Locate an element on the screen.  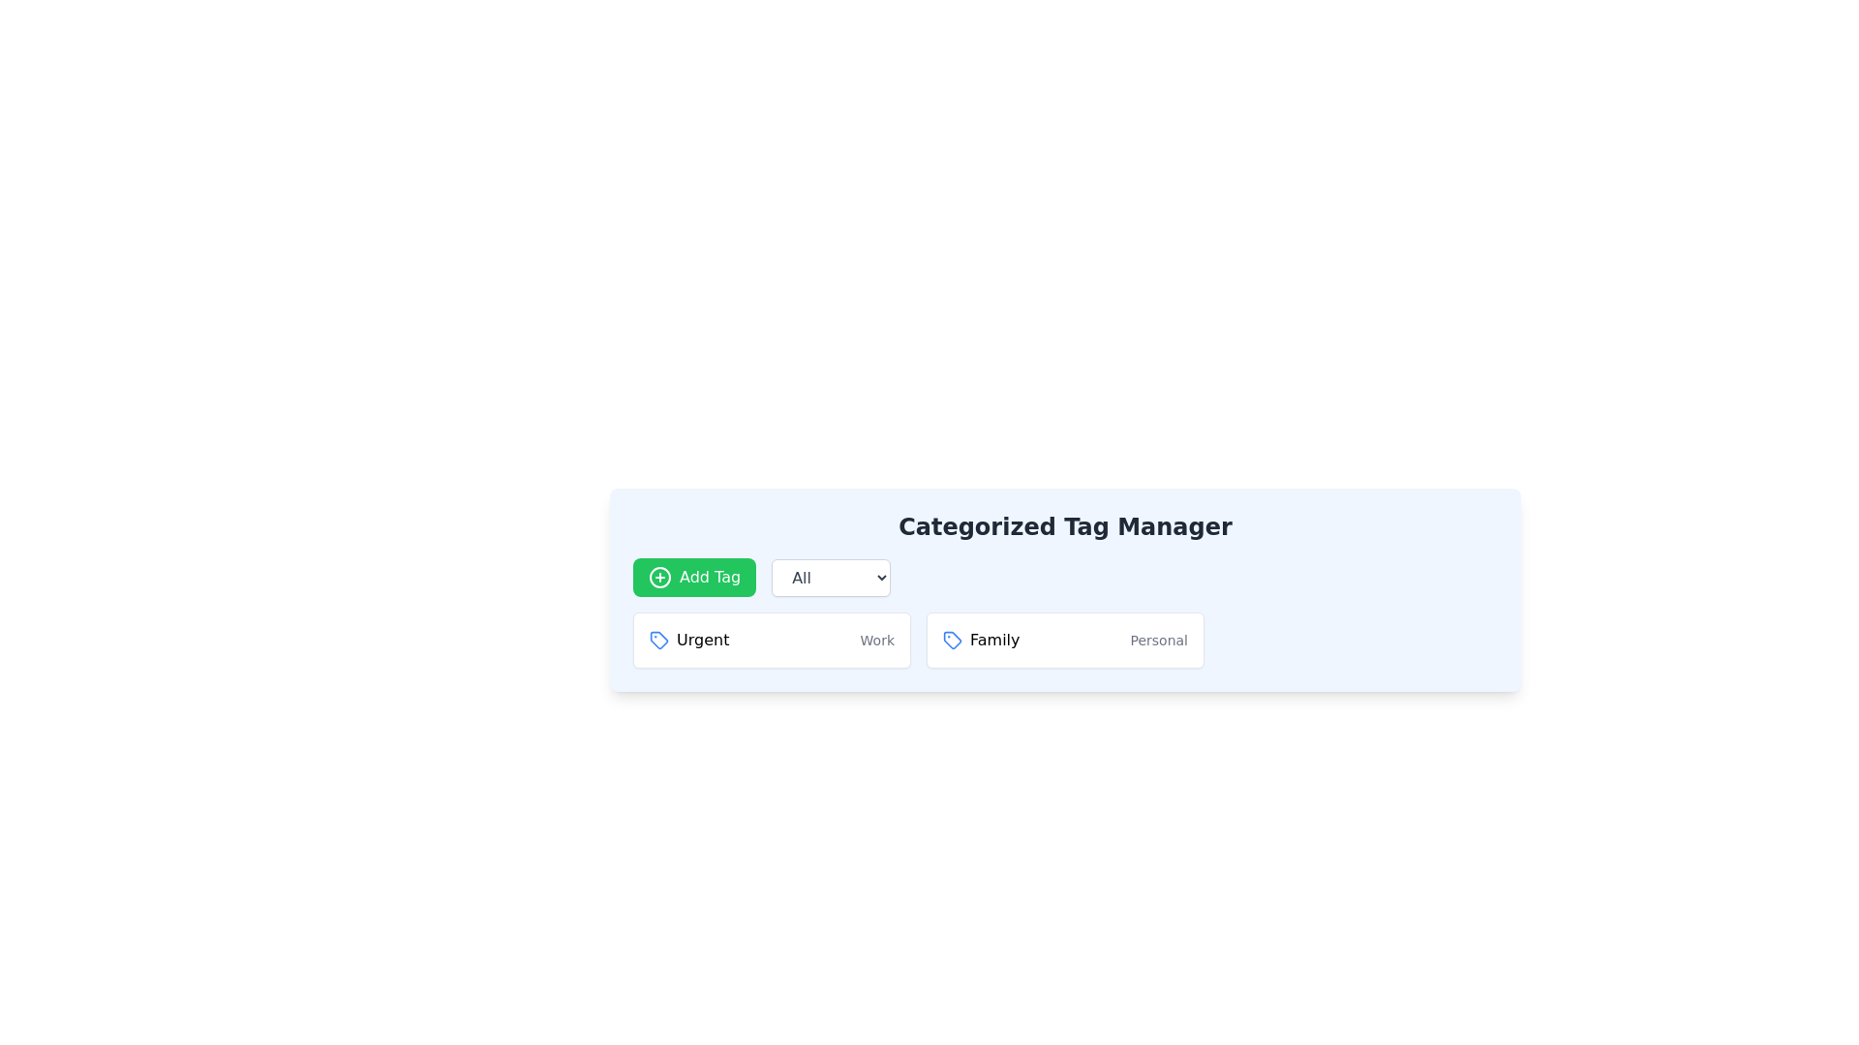
the dropdown menu styled with a white background, gray border, and rounded corners that displays 'All' with a caret, located next to the 'Add Tag' button is located at coordinates (831, 577).